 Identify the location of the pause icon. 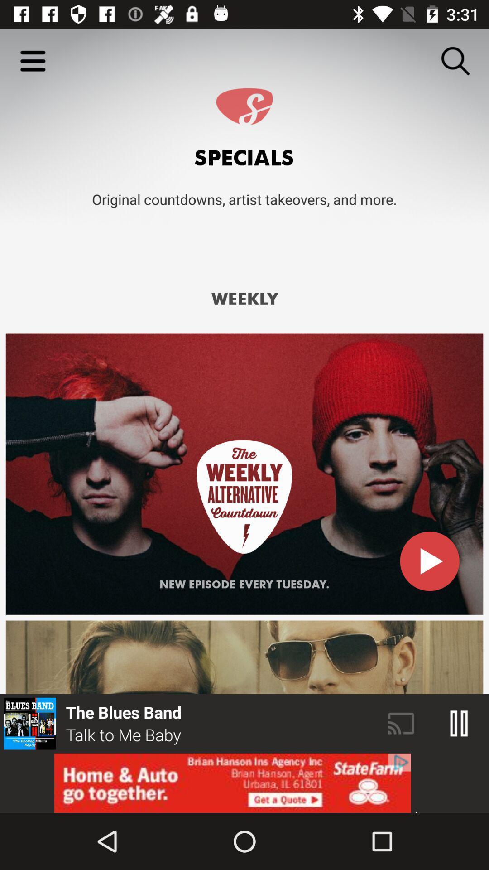
(459, 723).